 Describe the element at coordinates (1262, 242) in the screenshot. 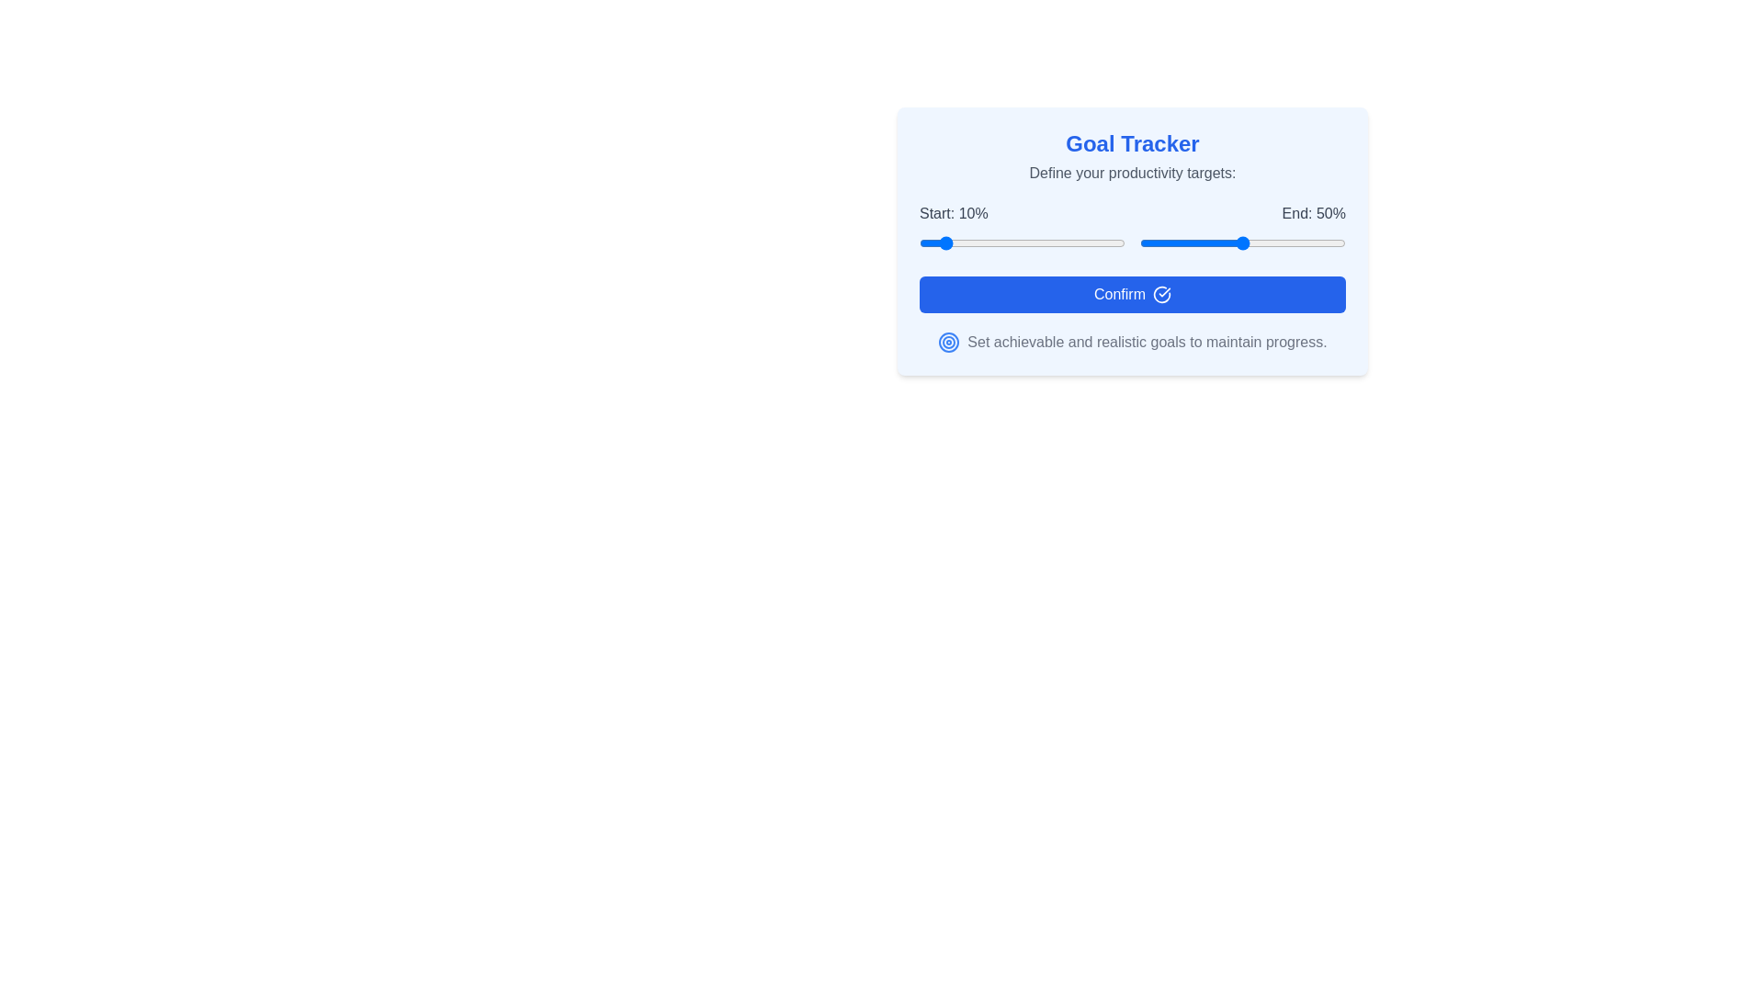

I see `the slider` at that location.